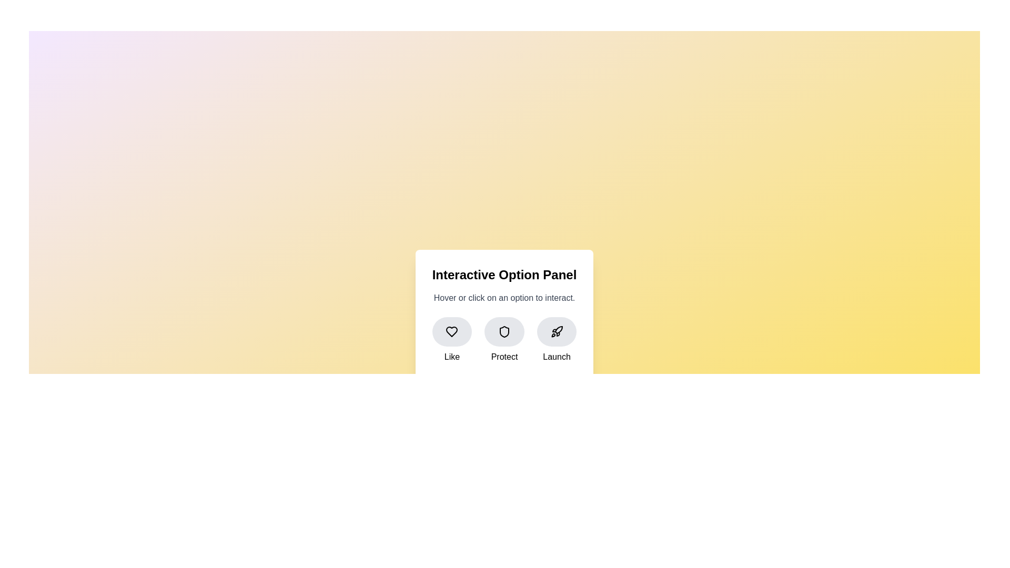 Image resolution: width=1010 pixels, height=568 pixels. What do you see at coordinates (556, 332) in the screenshot?
I see `the 'Launch' icon located inside the rounded button at the far-right position of the horizontal set of buttons` at bounding box center [556, 332].